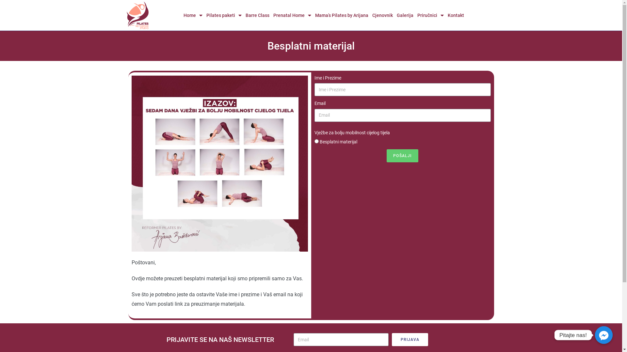 The width and height of the screenshot is (627, 352). What do you see at coordinates (595, 335) in the screenshot?
I see `'Pitajte nas!'` at bounding box center [595, 335].